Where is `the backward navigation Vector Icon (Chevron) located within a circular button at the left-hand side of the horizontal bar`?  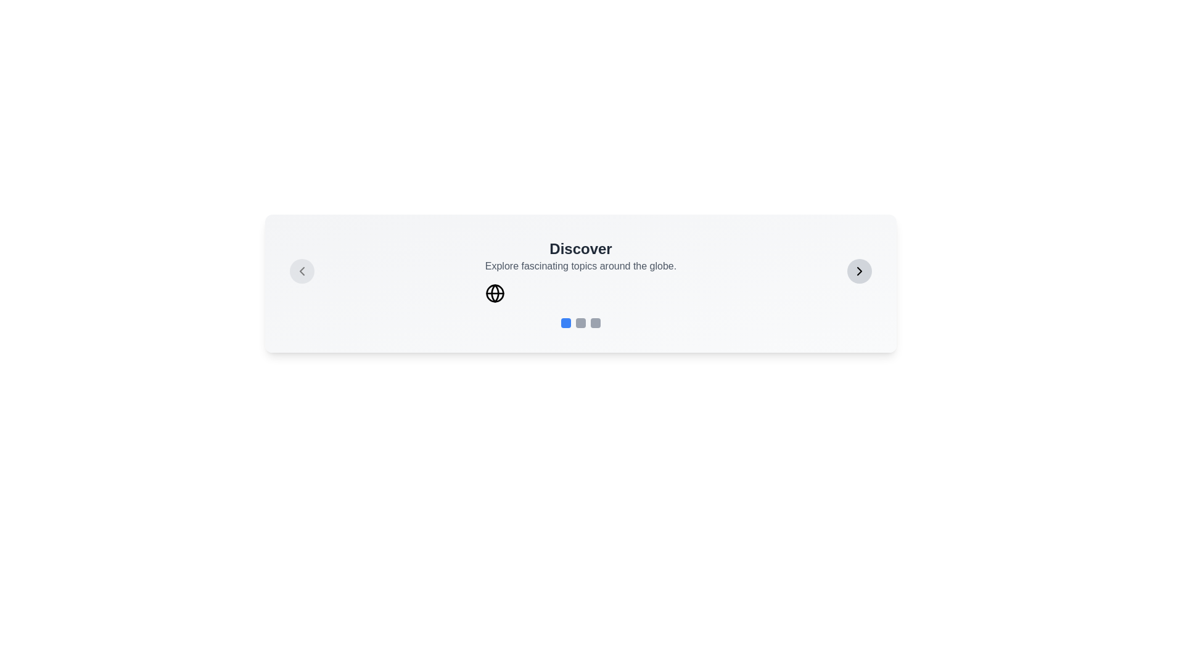
the backward navigation Vector Icon (Chevron) located within a circular button at the left-hand side of the horizontal bar is located at coordinates (302, 270).